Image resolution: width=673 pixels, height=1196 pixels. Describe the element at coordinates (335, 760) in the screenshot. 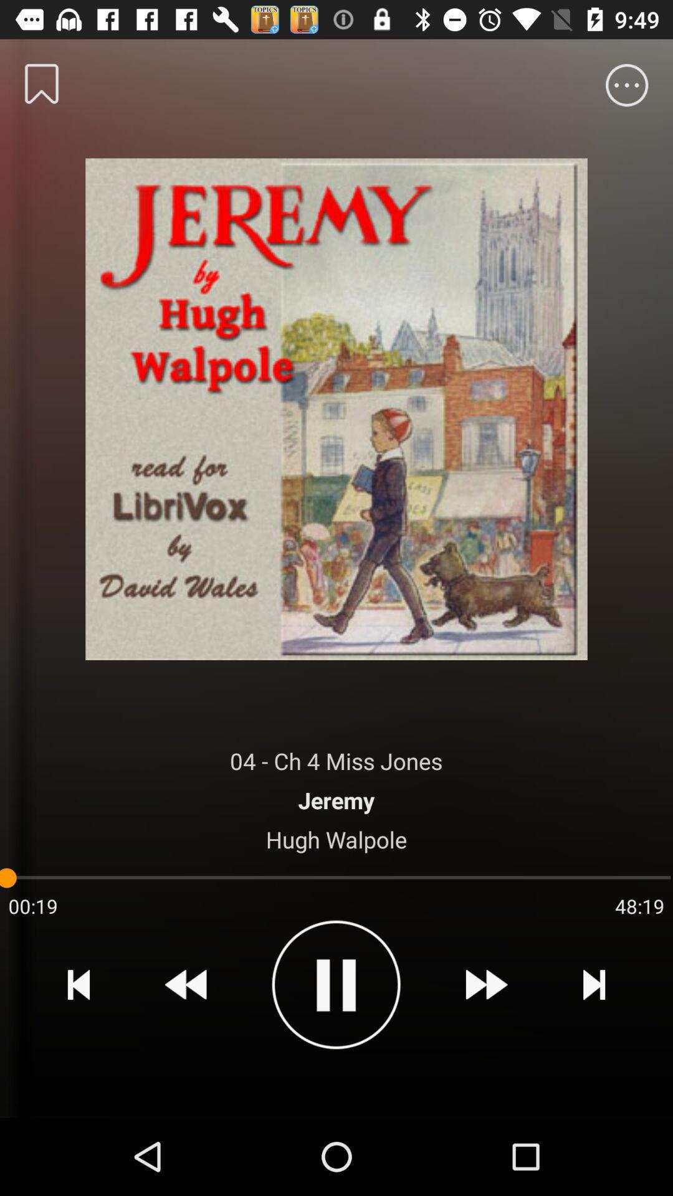

I see `item above jeremy icon` at that location.